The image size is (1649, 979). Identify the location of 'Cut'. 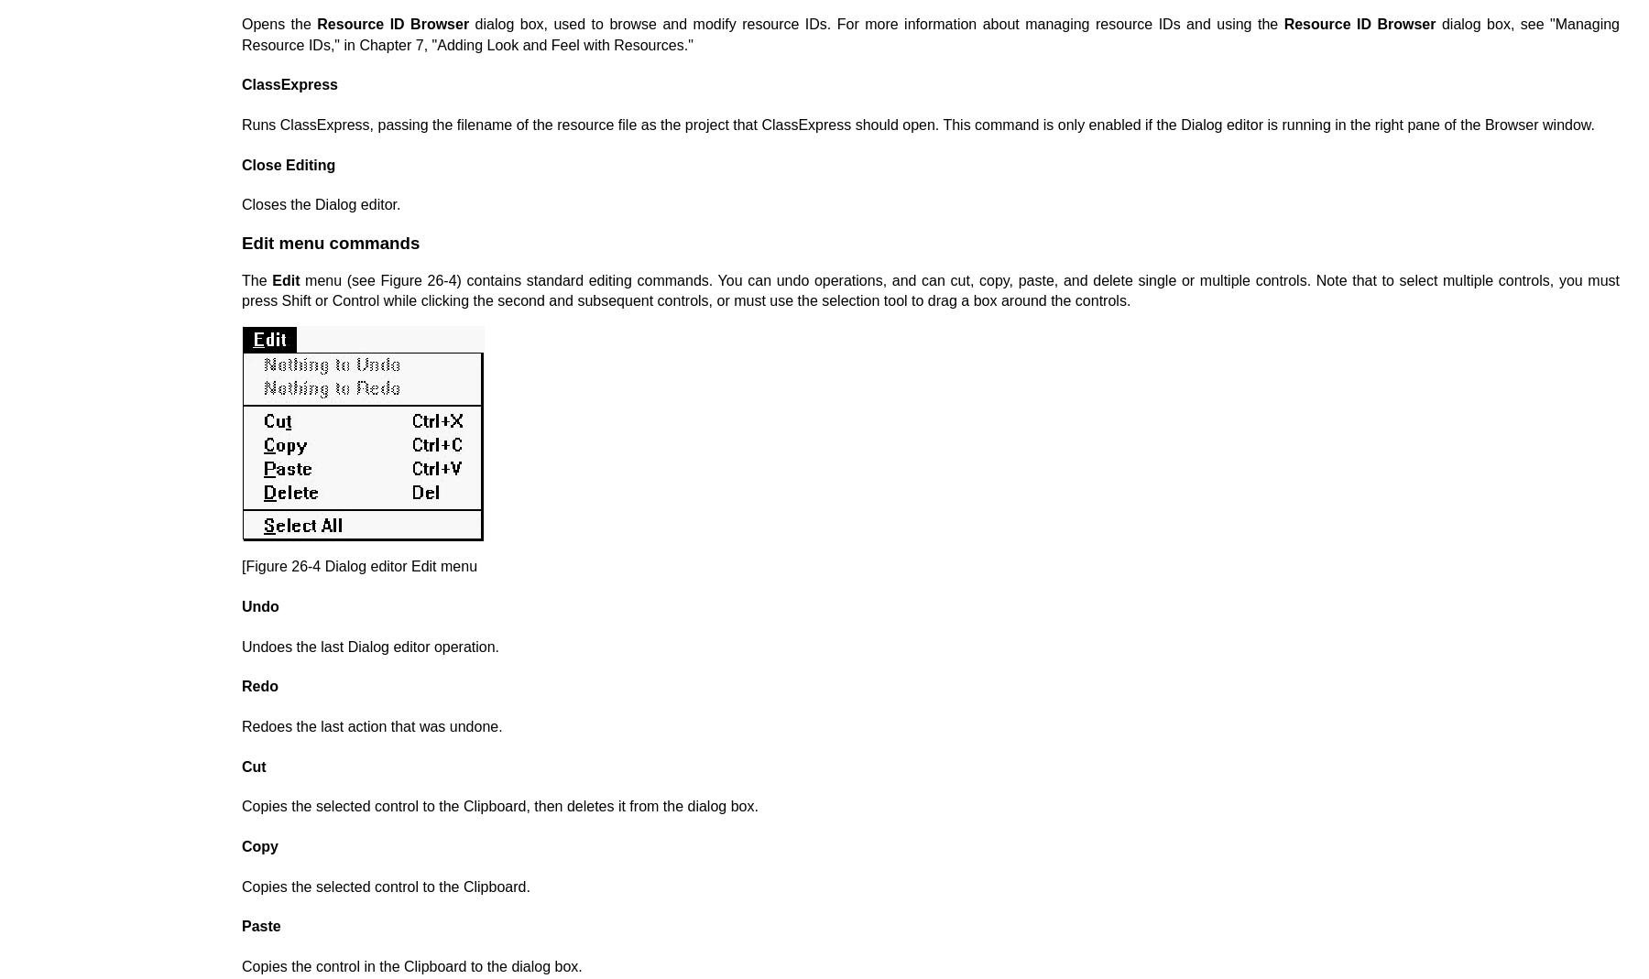
(253, 766).